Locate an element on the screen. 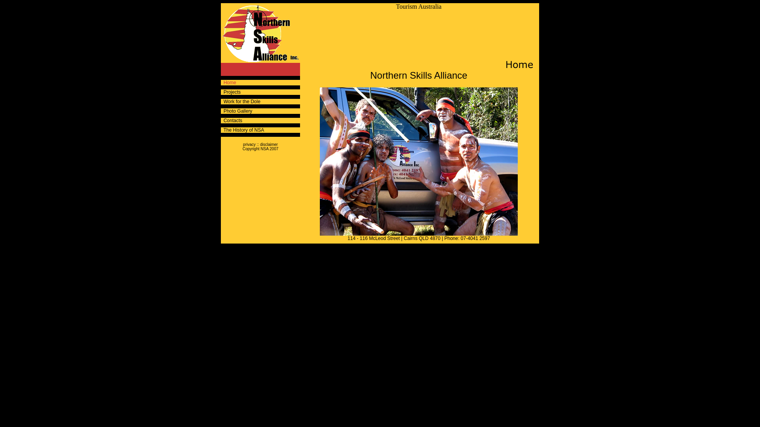 The image size is (760, 427). 'privacy' is located at coordinates (249, 144).